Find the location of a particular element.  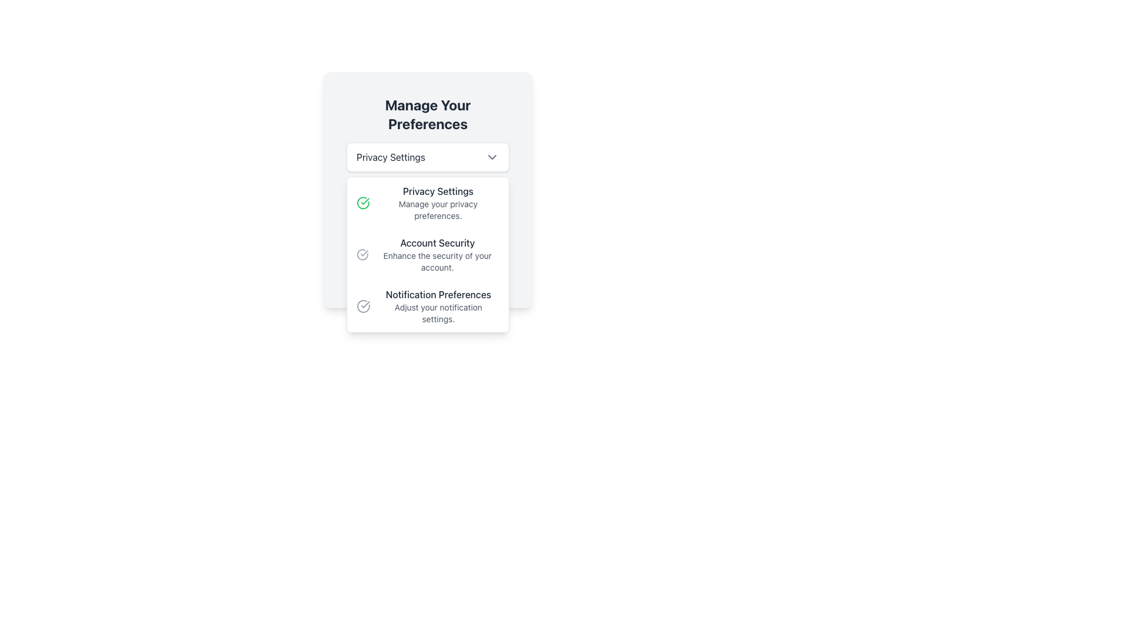

the dropdown menu located below the 'Privacy Settings' header is located at coordinates (427, 254).